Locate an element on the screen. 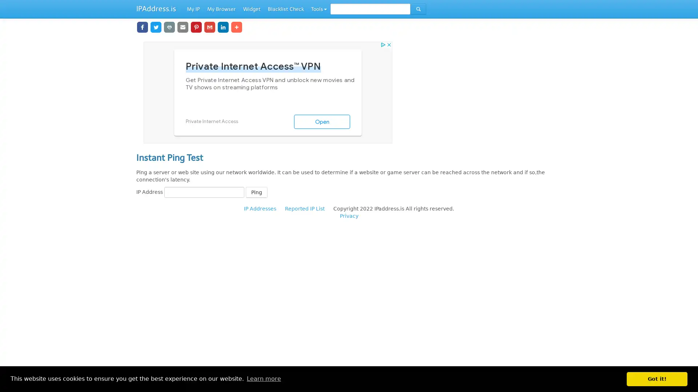  Share to Email is located at coordinates (180, 26).